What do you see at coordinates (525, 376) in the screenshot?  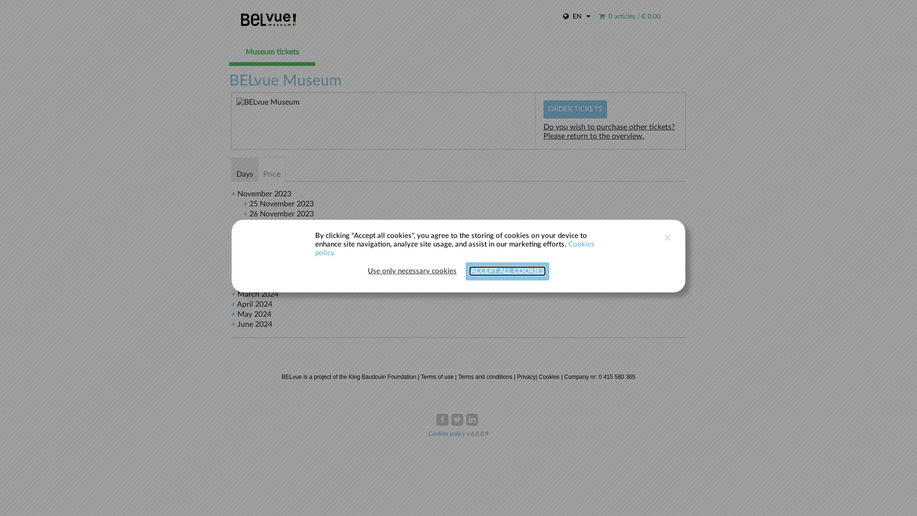 I see `'Privacy'` at bounding box center [525, 376].